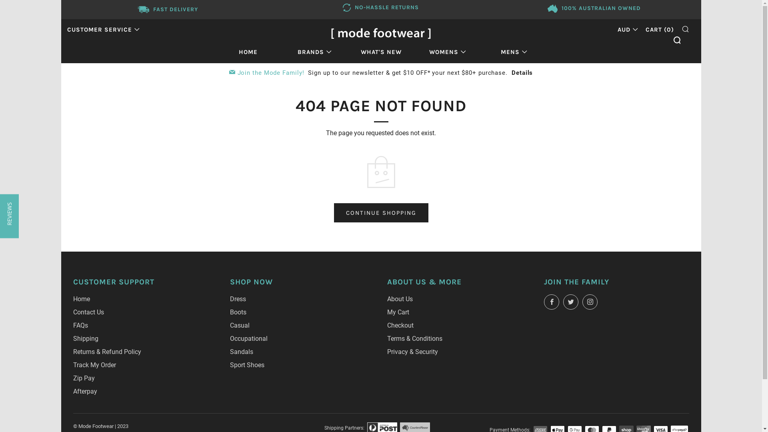  I want to click on 'BRANDS', so click(314, 52).